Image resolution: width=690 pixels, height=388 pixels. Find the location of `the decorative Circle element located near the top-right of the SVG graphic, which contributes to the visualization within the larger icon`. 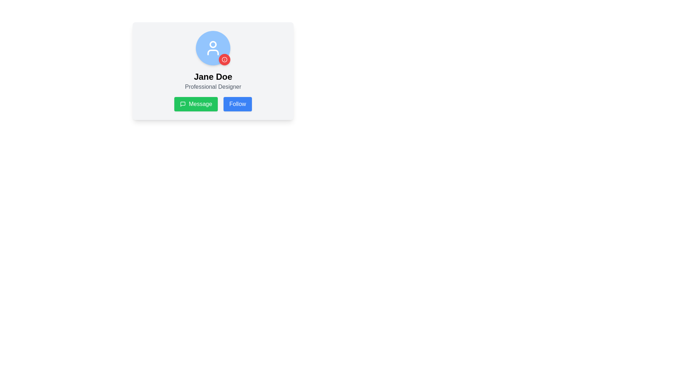

the decorative Circle element located near the top-right of the SVG graphic, which contributes to the visualization within the larger icon is located at coordinates (224, 59).